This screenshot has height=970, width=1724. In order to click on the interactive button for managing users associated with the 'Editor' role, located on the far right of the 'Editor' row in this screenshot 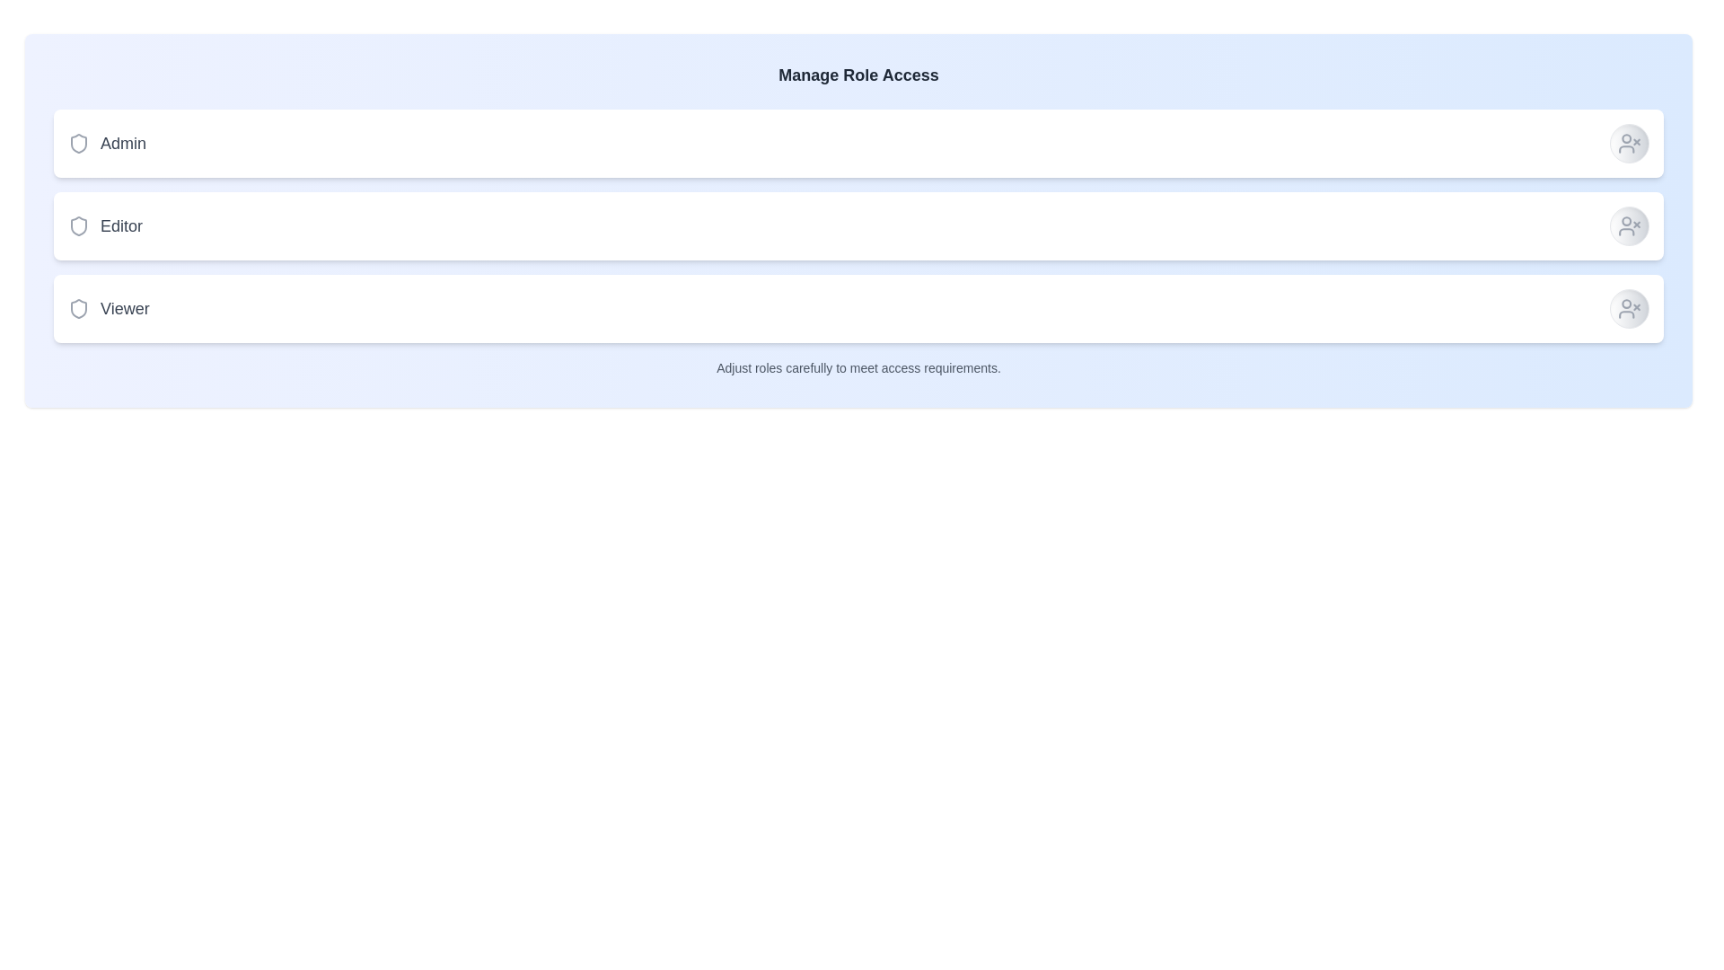, I will do `click(1629, 225)`.